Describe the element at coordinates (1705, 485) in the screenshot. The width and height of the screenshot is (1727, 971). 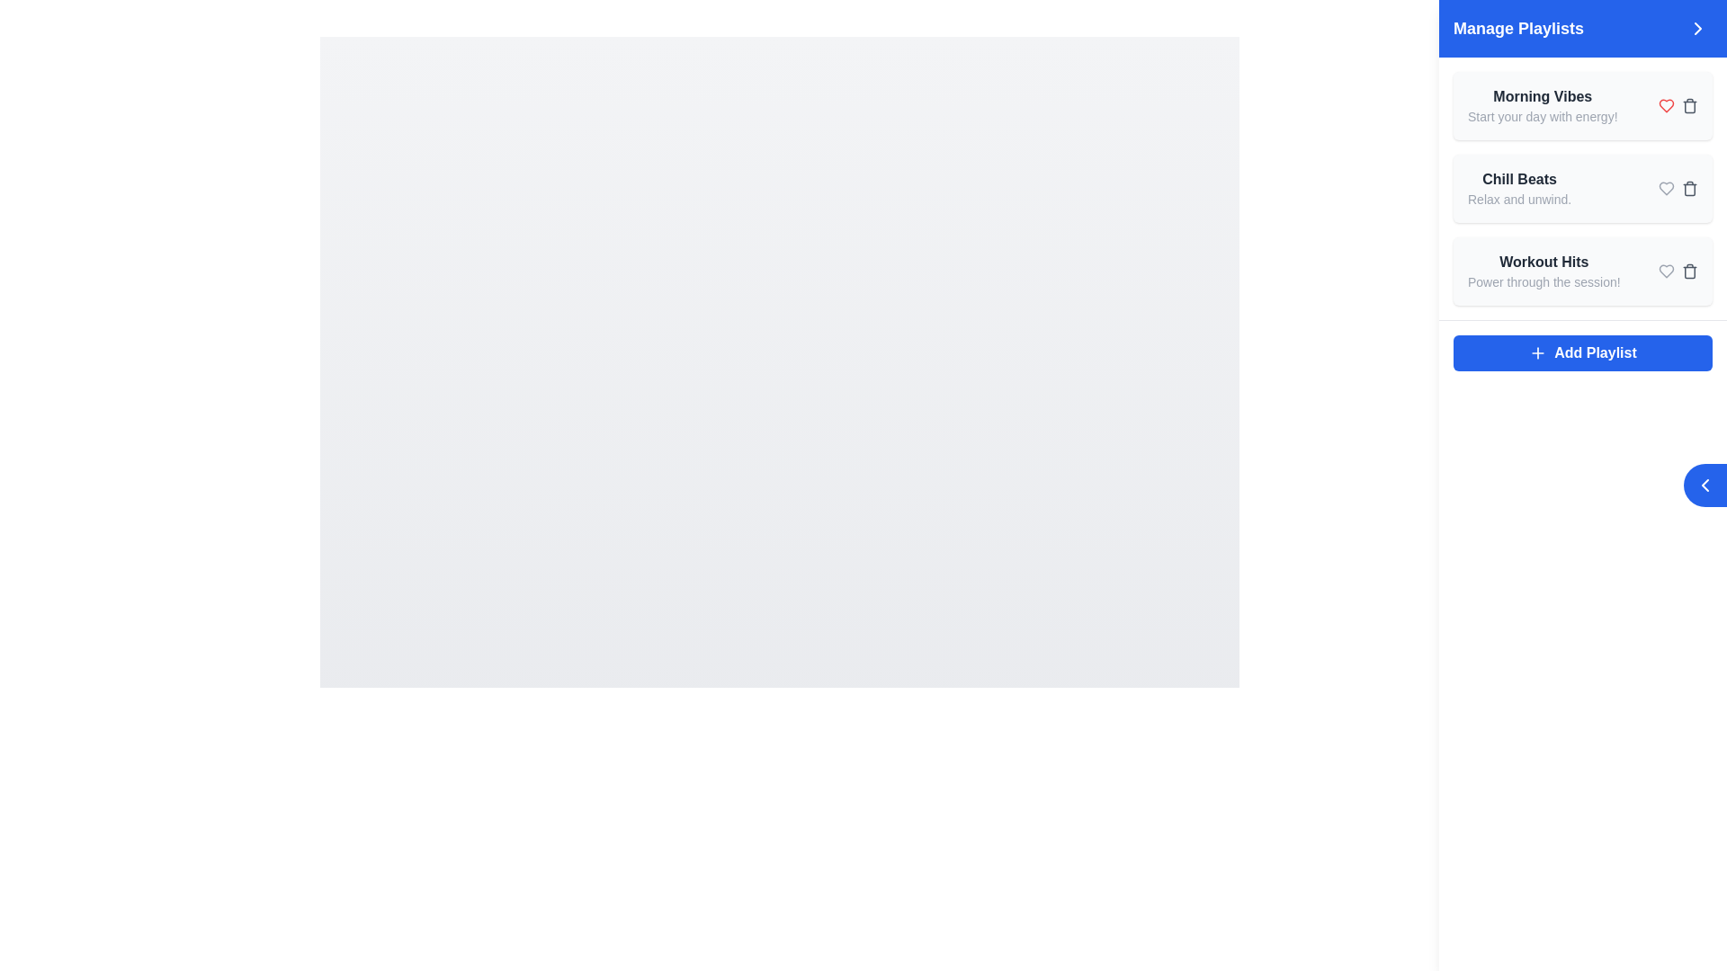
I see `the small left-pointing chevron-shaped icon, which is part of an SVG graphic styled in a stroke format, located in the top-right corner of the interface` at that location.